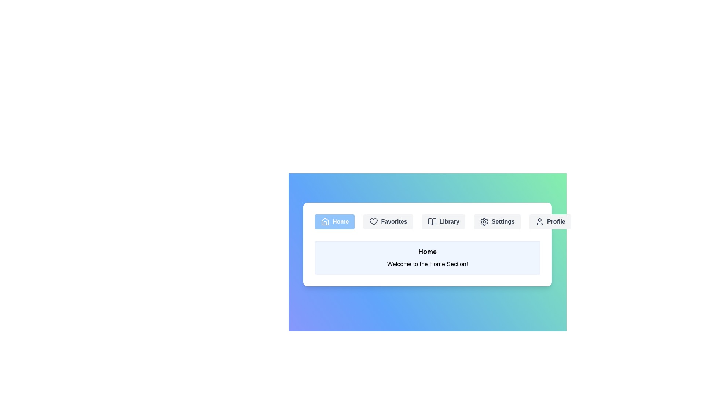 The width and height of the screenshot is (704, 396). Describe the element at coordinates (325, 221) in the screenshot. I see `the 'Home' icon located in the navigation bar at the top of the interface, which symbolizes the home section and is the first icon from the left` at that location.